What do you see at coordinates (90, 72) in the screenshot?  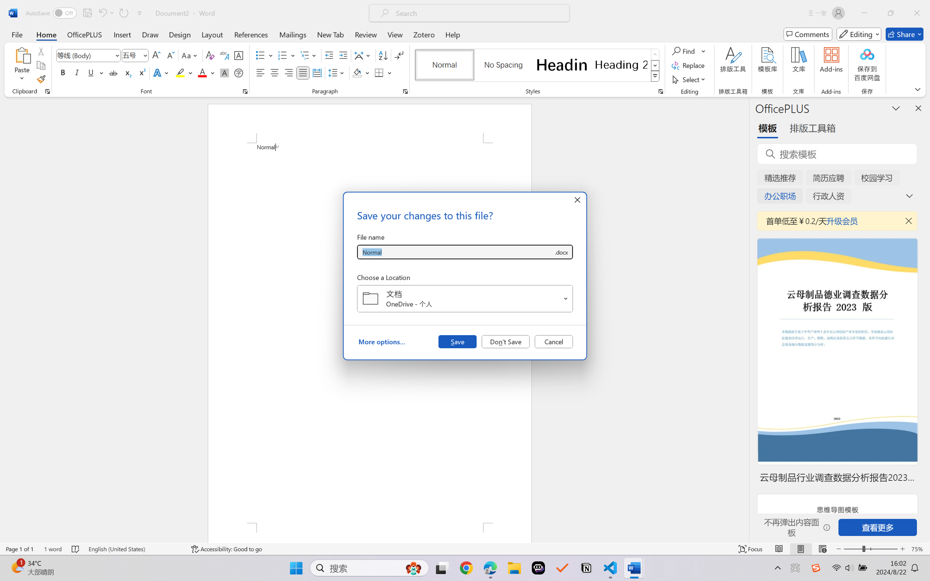 I see `'Underline'` at bounding box center [90, 72].